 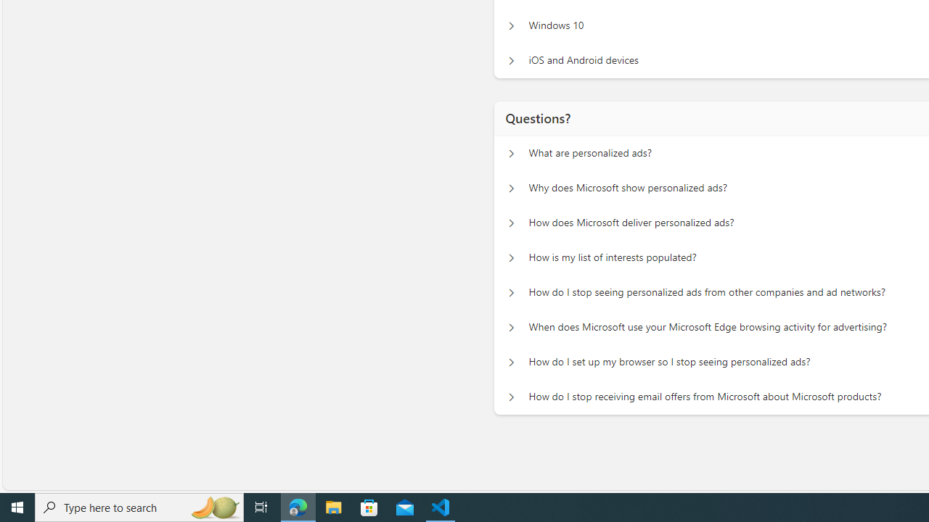 What do you see at coordinates (511, 257) in the screenshot?
I see `'Questions? How is my list of interests populated?'` at bounding box center [511, 257].